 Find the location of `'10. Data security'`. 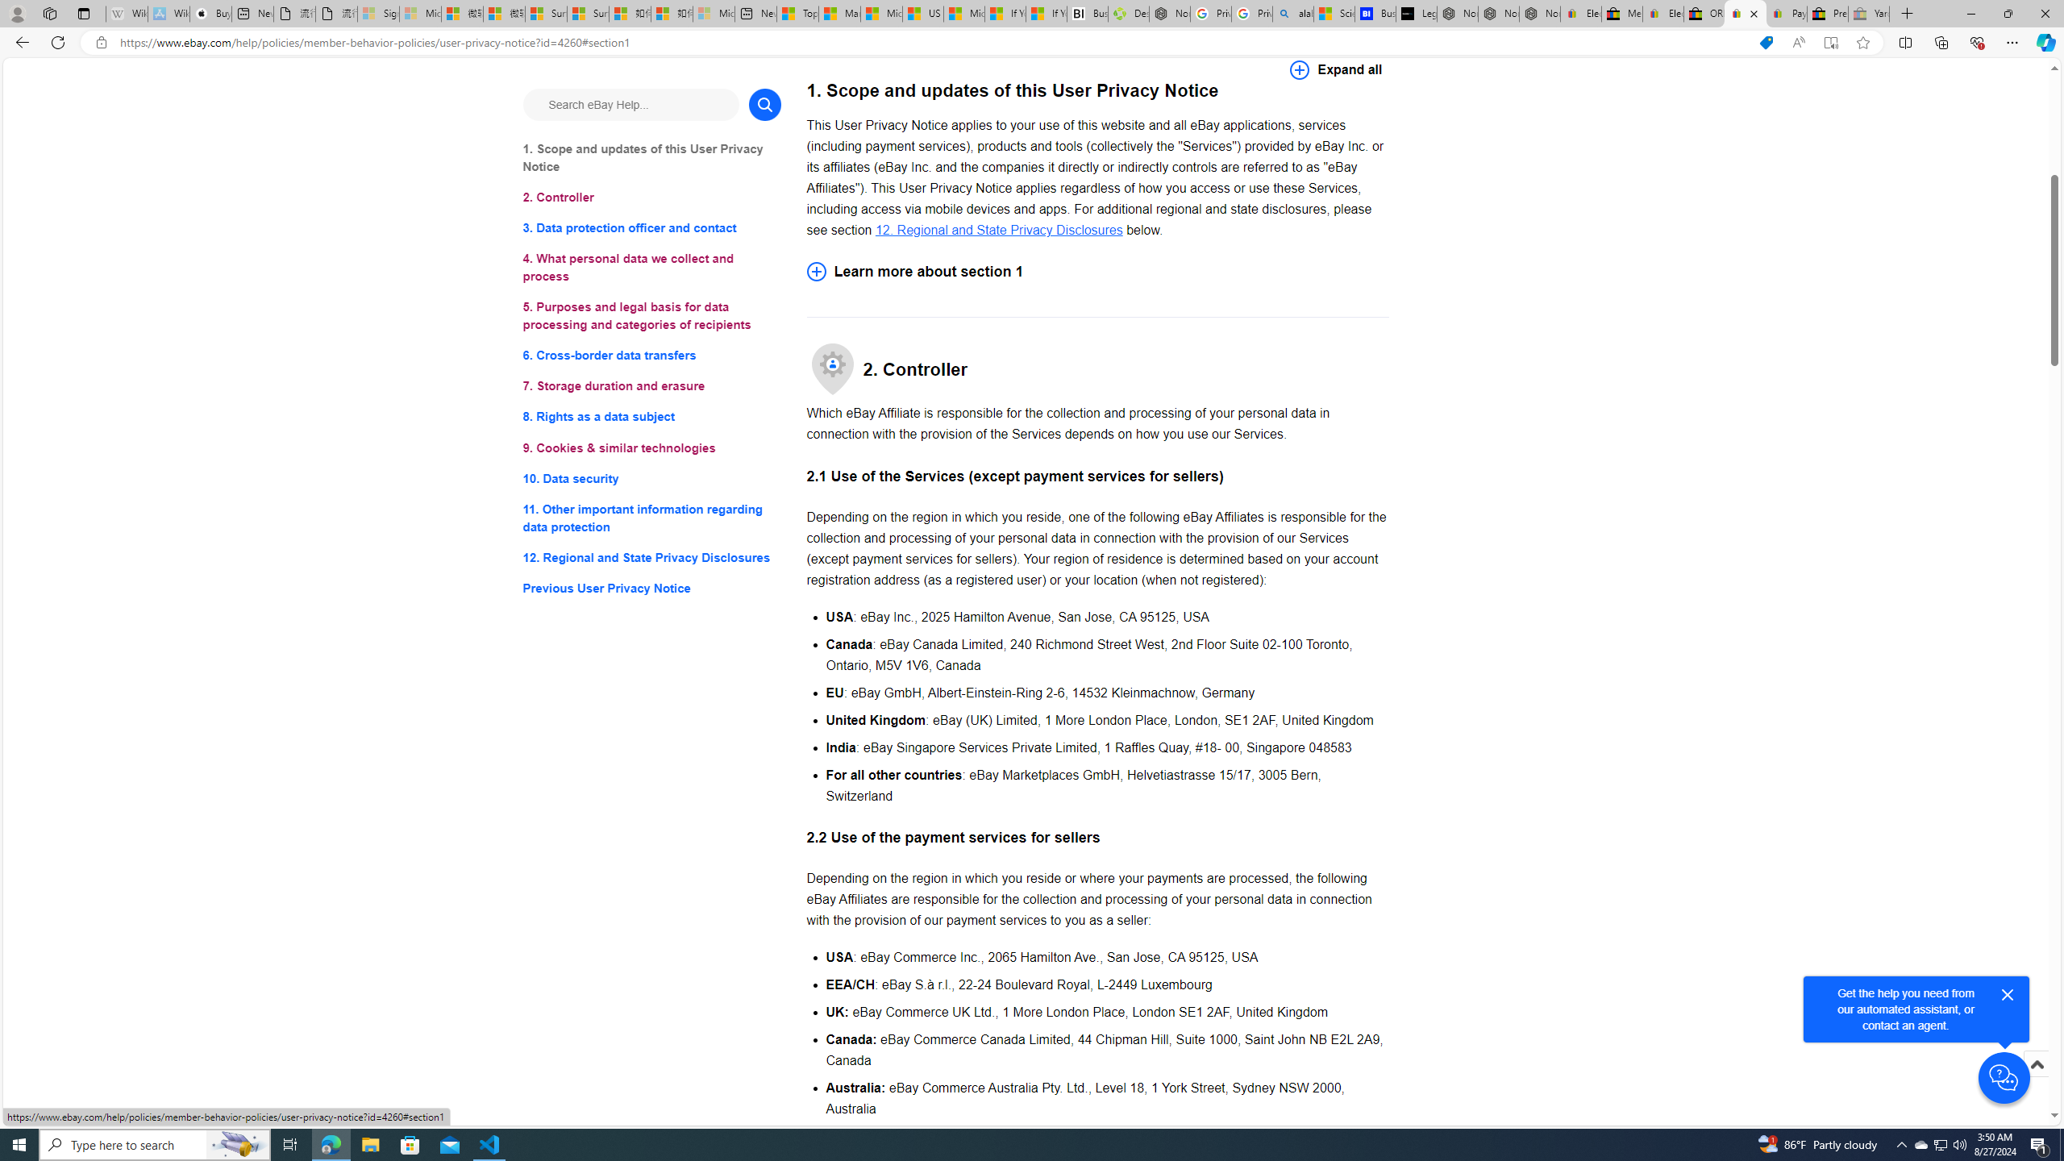

'10. Data security' is located at coordinates (651, 478).